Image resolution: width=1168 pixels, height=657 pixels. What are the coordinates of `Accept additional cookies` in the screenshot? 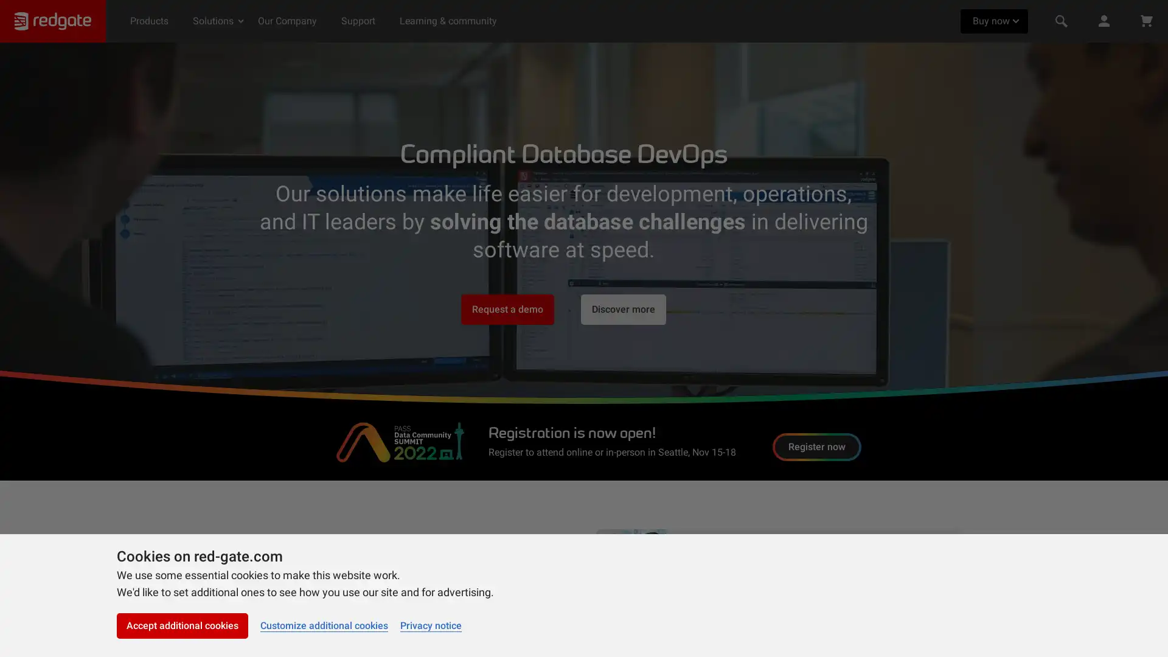 It's located at (181, 626).